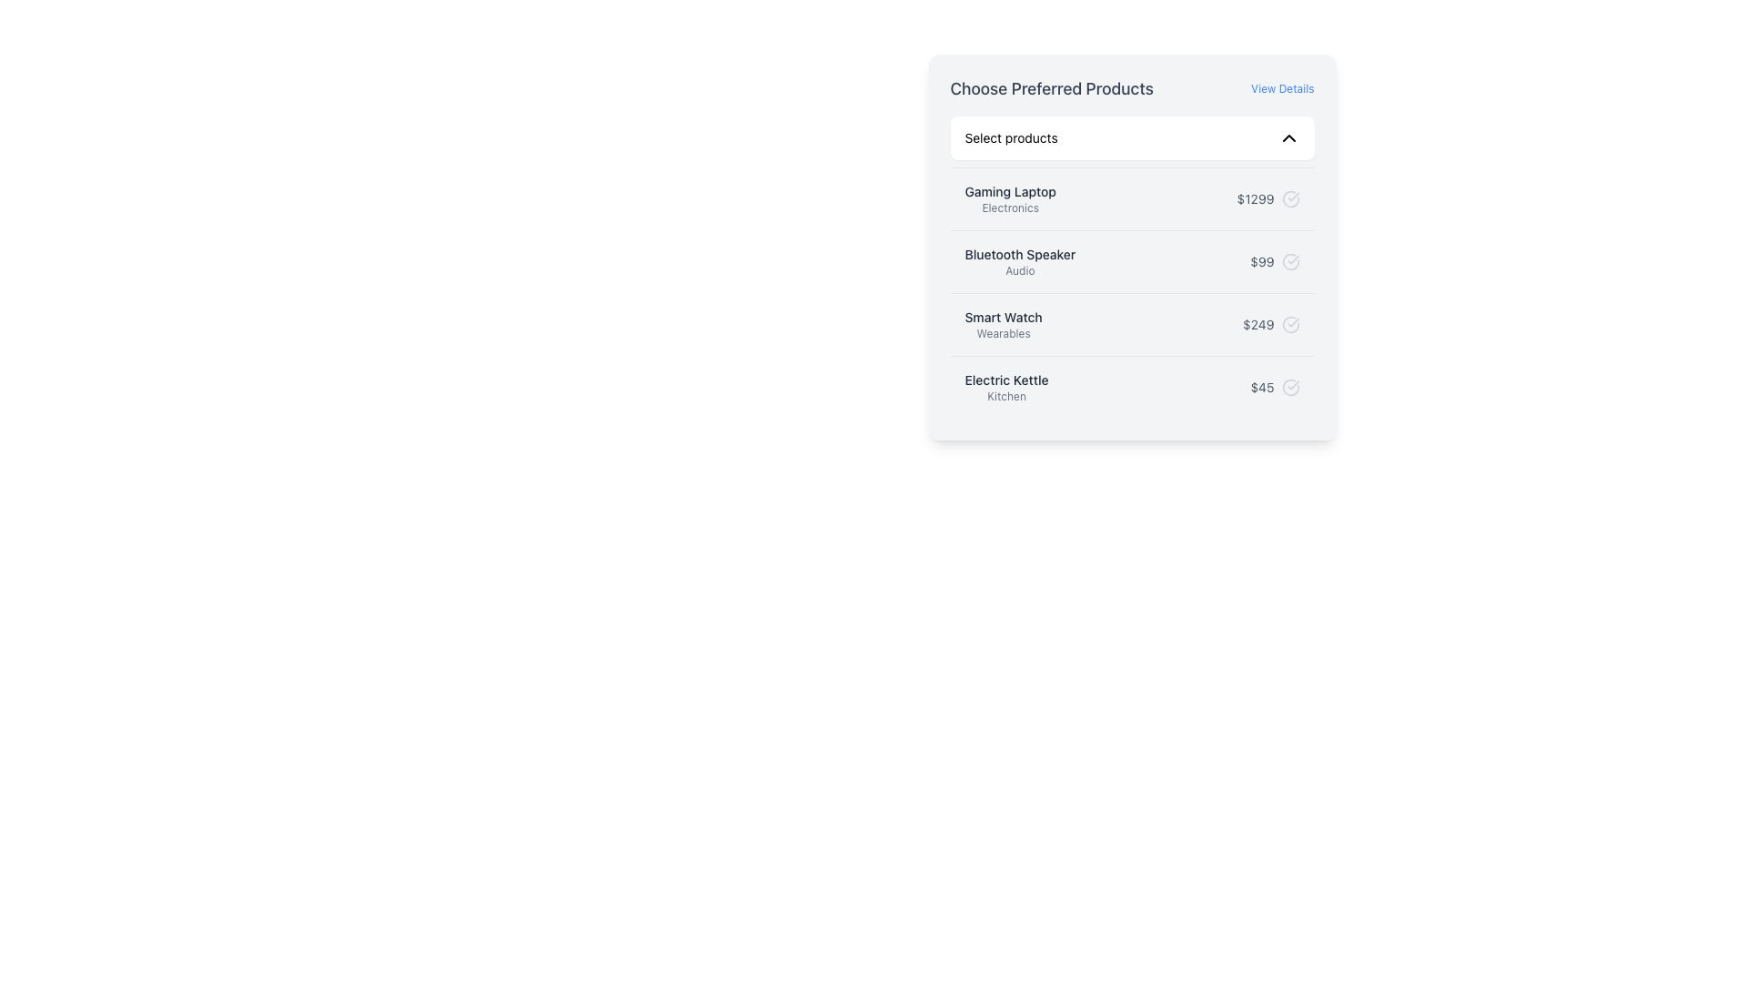 The width and height of the screenshot is (1747, 983). What do you see at coordinates (1274, 262) in the screenshot?
I see `the text value element displaying '$99' located to the right of the product name and description for 'Bluetooth Speaker'` at bounding box center [1274, 262].